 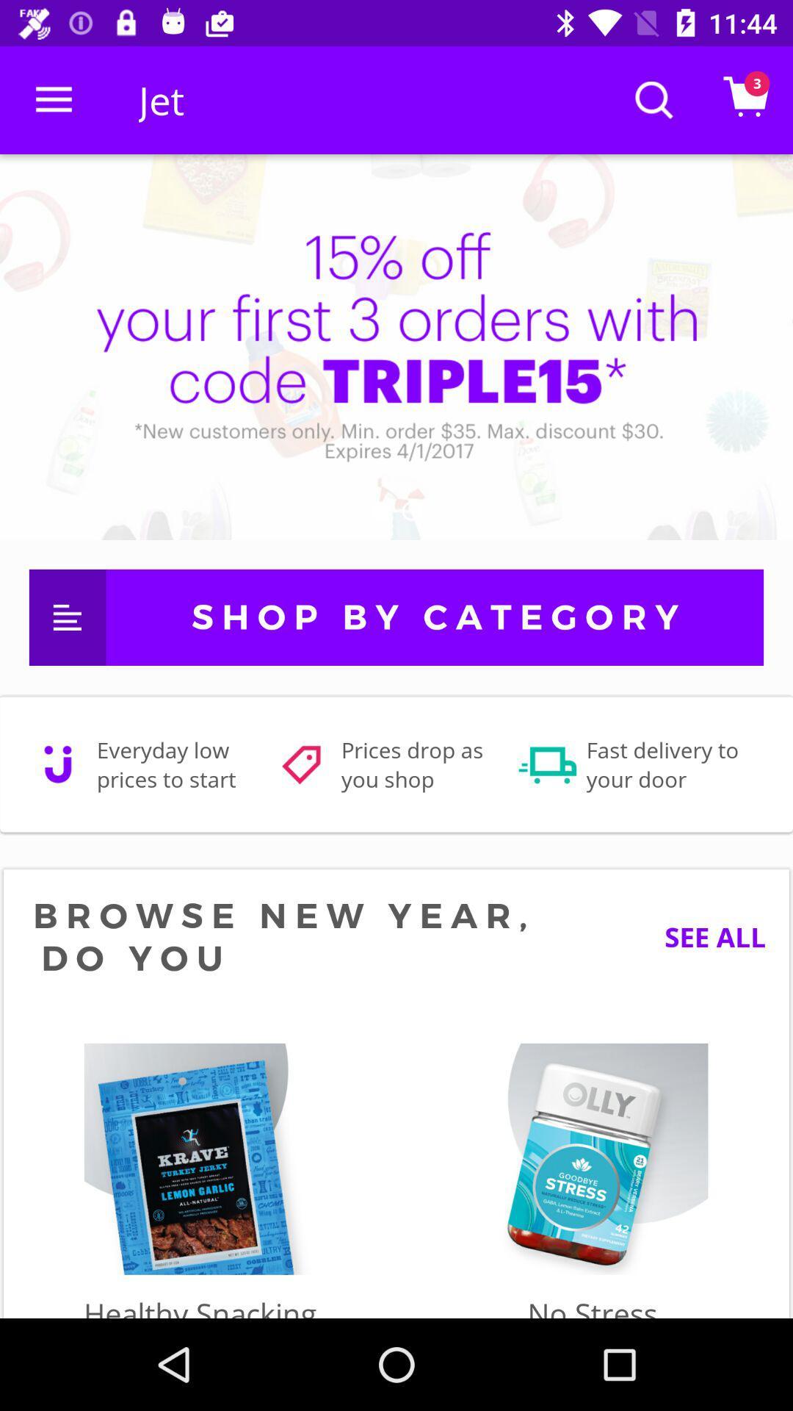 I want to click on the icon to the left of the jet icon, so click(x=53, y=99).